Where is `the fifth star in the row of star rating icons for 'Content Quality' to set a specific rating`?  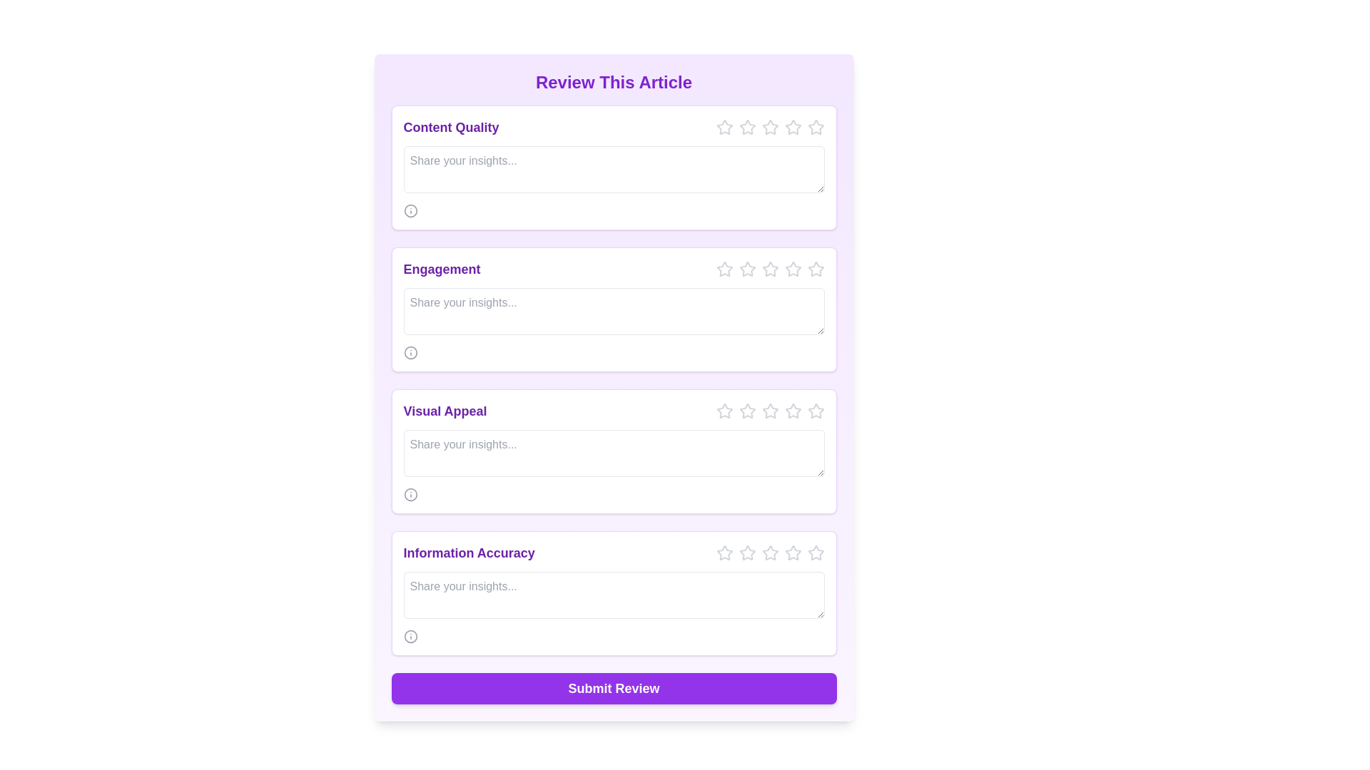
the fifth star in the row of star rating icons for 'Content Quality' to set a specific rating is located at coordinates (815, 125).